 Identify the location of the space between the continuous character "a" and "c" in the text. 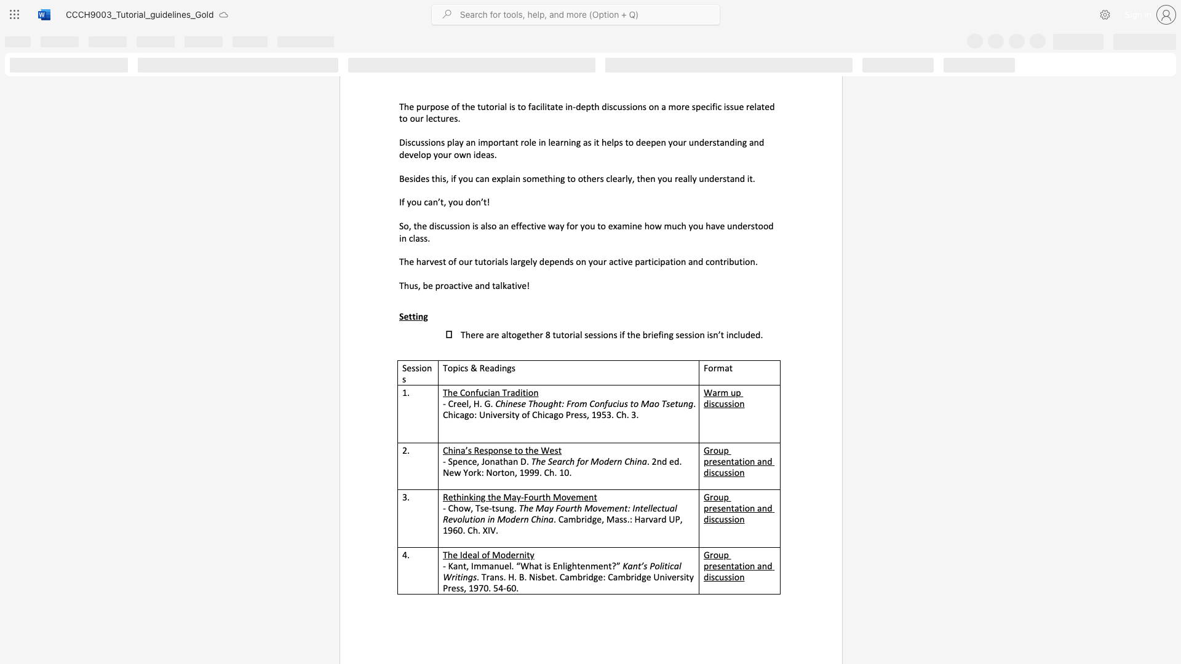
(536, 106).